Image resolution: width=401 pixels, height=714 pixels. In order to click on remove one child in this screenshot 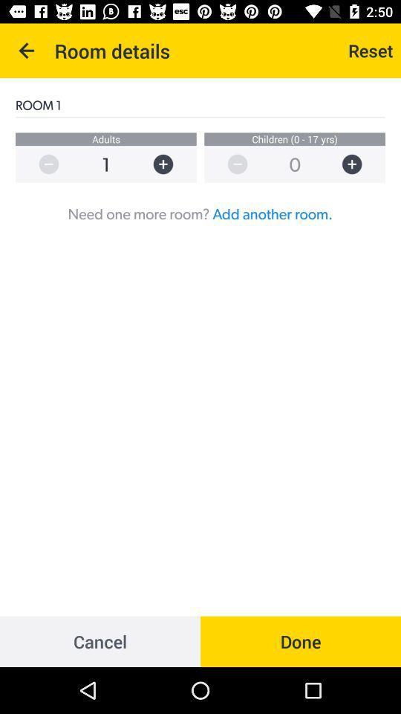, I will do `click(230, 164)`.